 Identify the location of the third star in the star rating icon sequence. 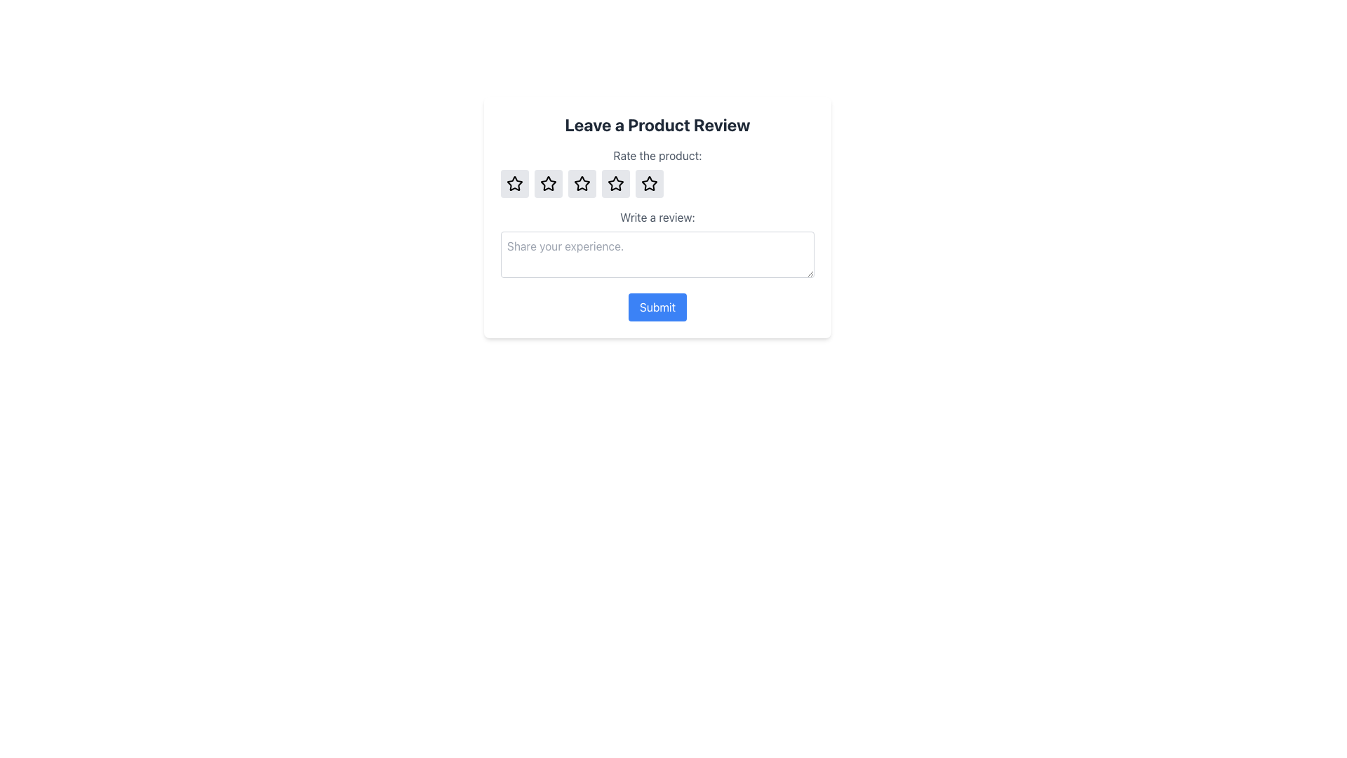
(616, 182).